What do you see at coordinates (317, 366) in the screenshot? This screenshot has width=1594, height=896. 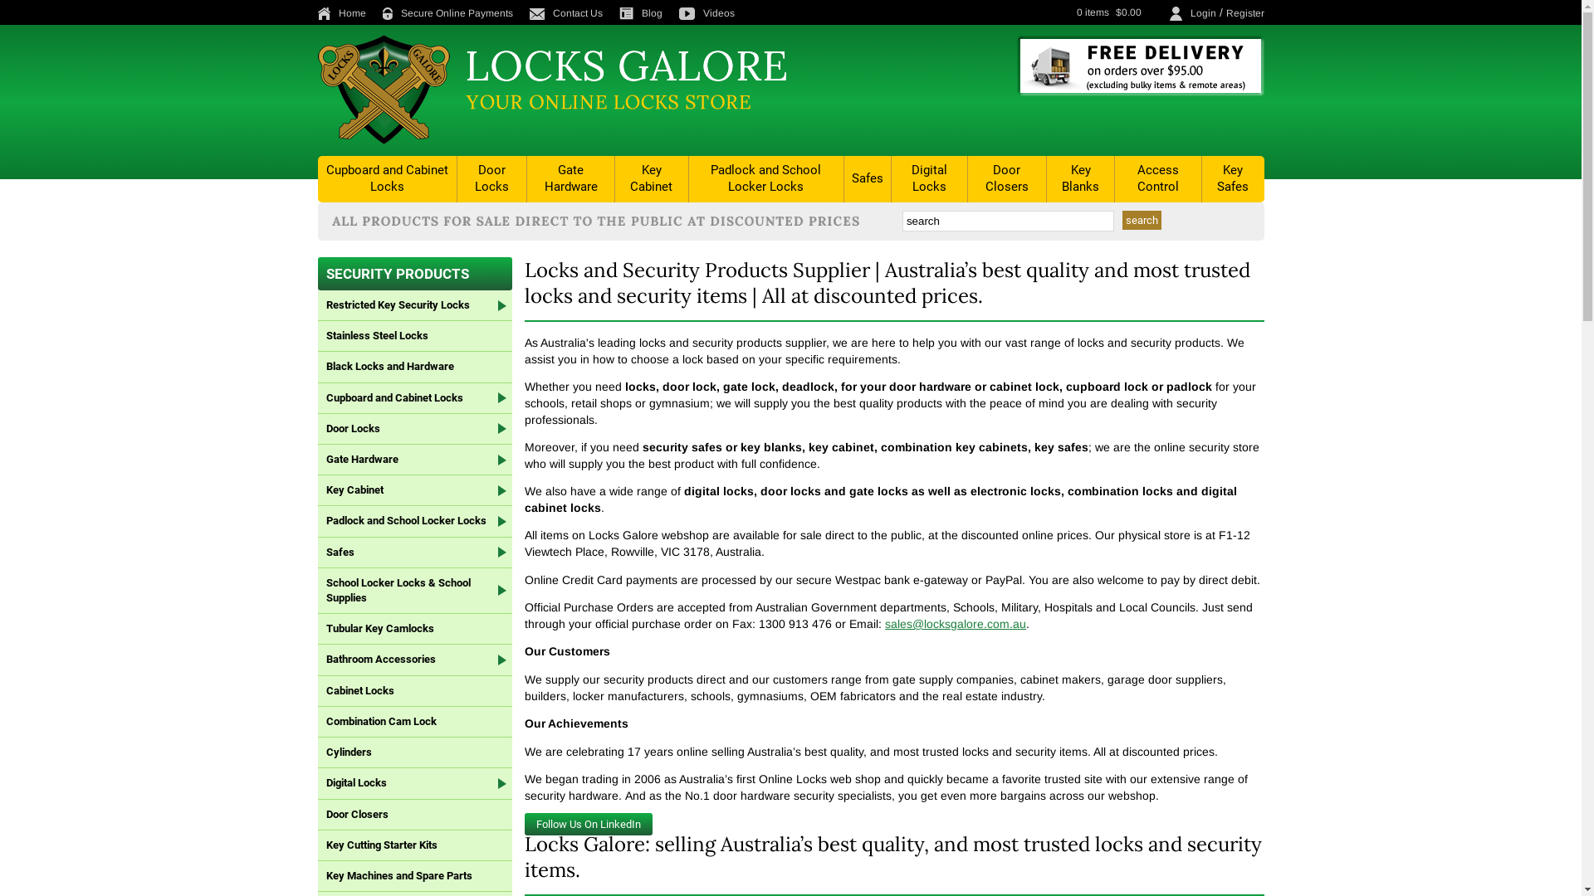 I see `'Black Locks and Hardware'` at bounding box center [317, 366].